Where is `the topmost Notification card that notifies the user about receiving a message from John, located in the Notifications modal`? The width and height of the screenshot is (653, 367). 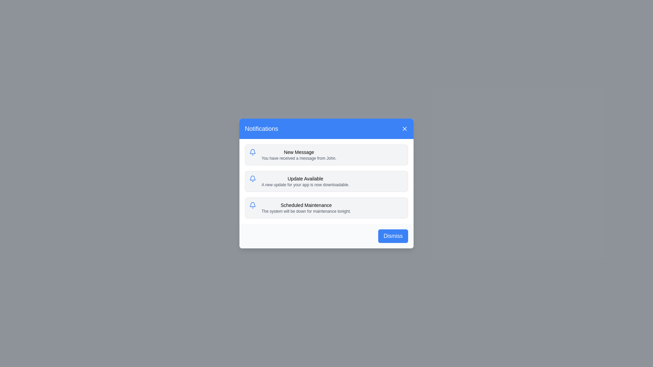
the topmost Notification card that notifies the user about receiving a message from John, located in the Notifications modal is located at coordinates (326, 155).